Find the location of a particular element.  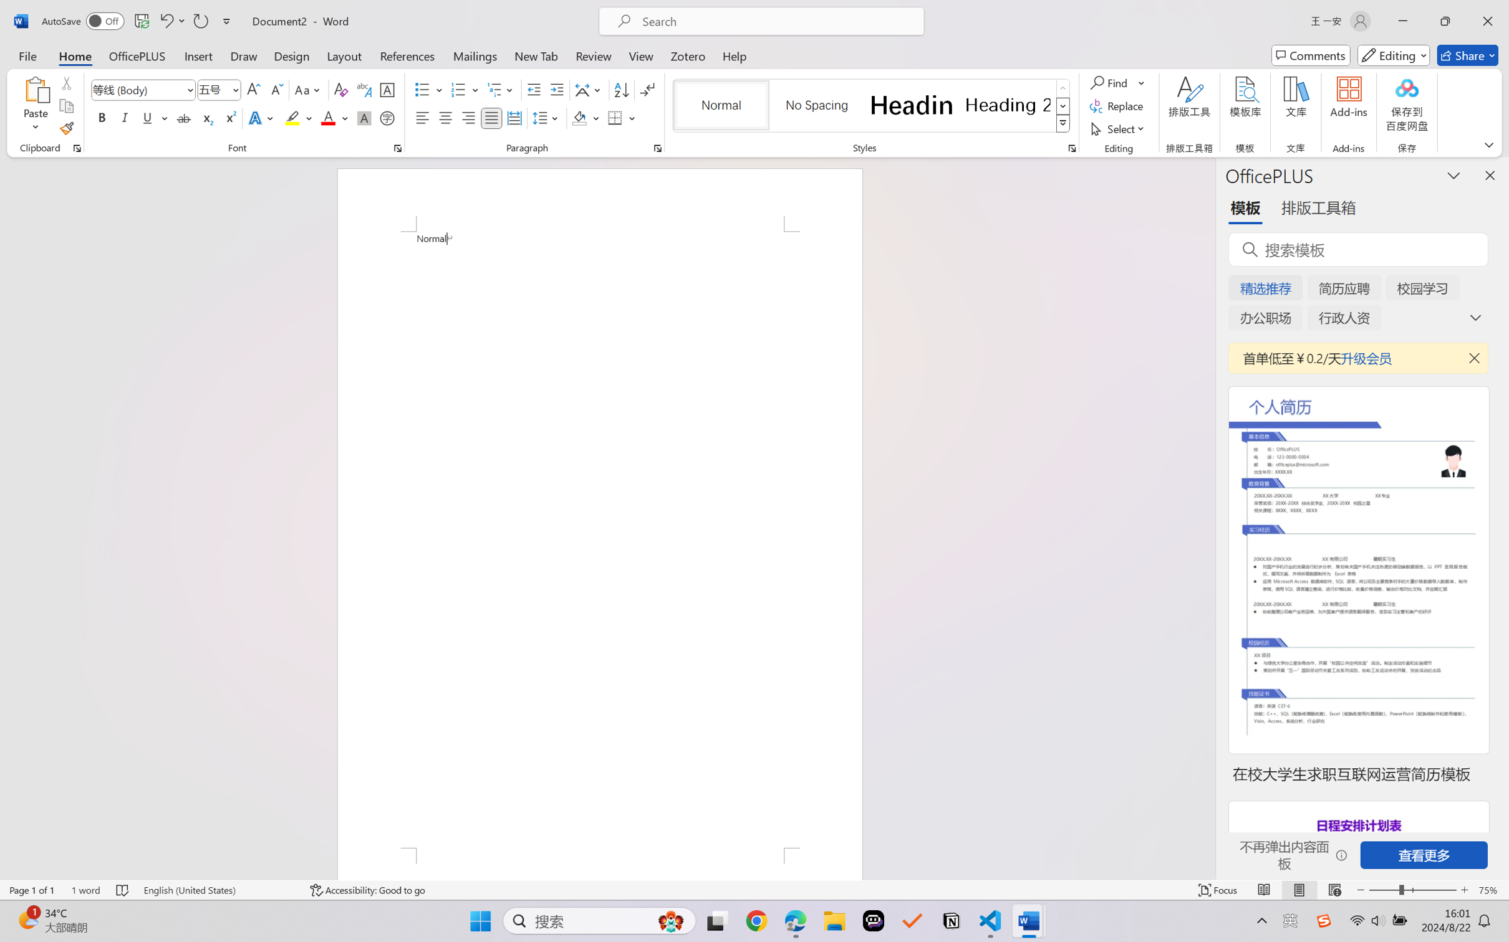

'Font Size' is located at coordinates (219, 90).